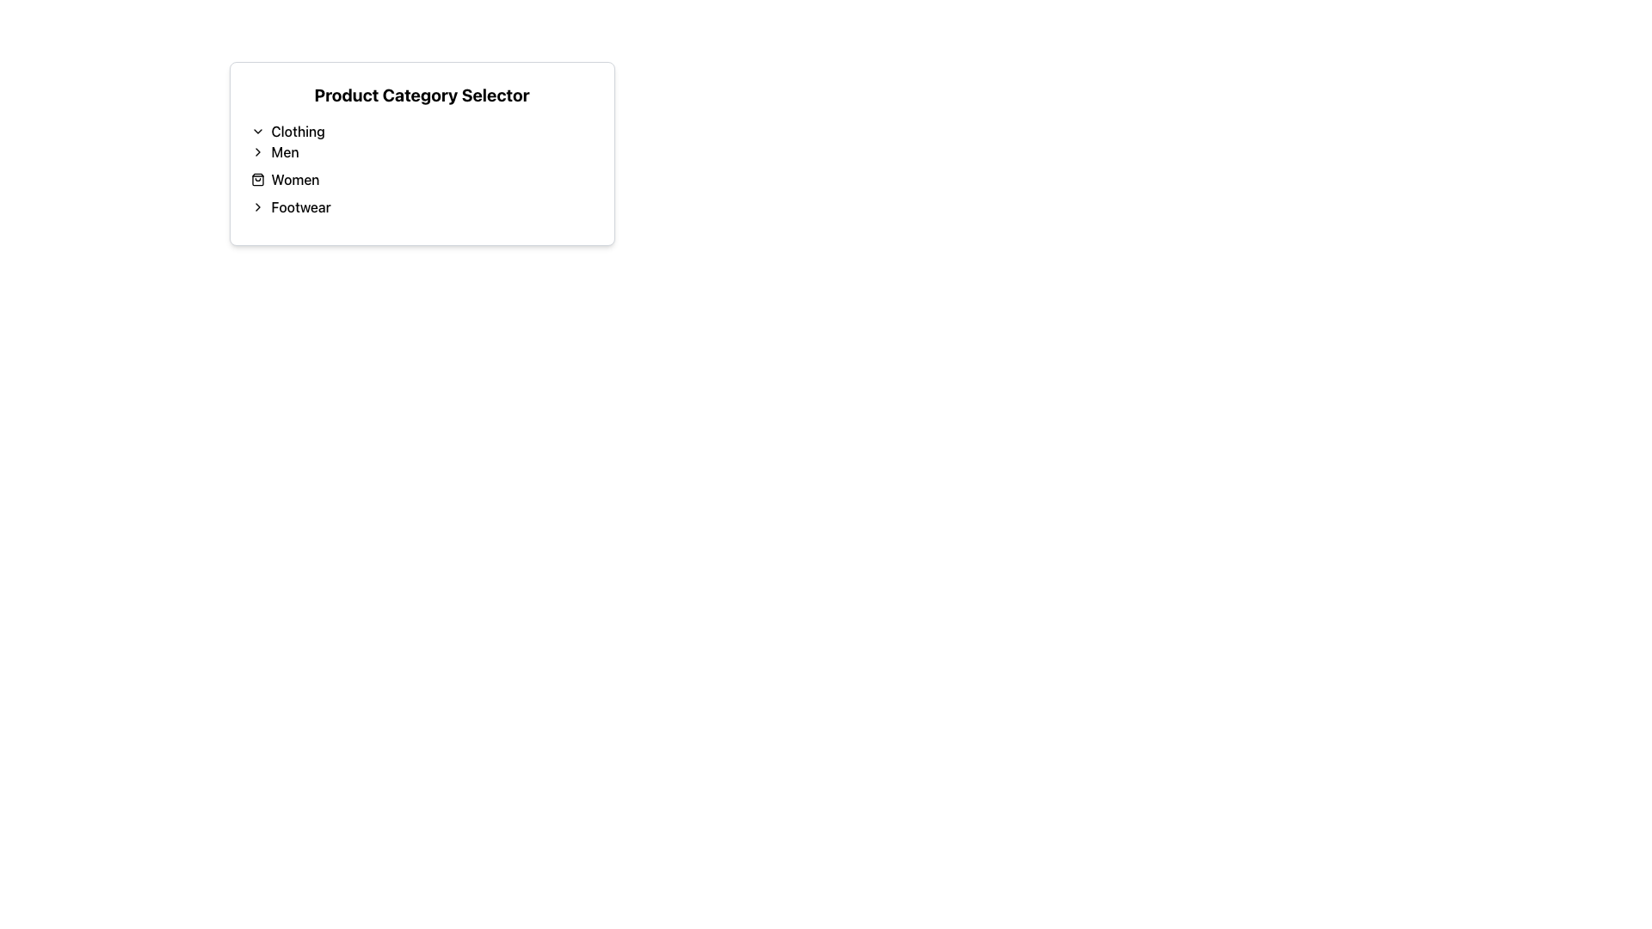  Describe the element at coordinates (256, 179) in the screenshot. I see `the shopping bag icon in the 'Women' category of the 'Product Category Selector'` at that location.